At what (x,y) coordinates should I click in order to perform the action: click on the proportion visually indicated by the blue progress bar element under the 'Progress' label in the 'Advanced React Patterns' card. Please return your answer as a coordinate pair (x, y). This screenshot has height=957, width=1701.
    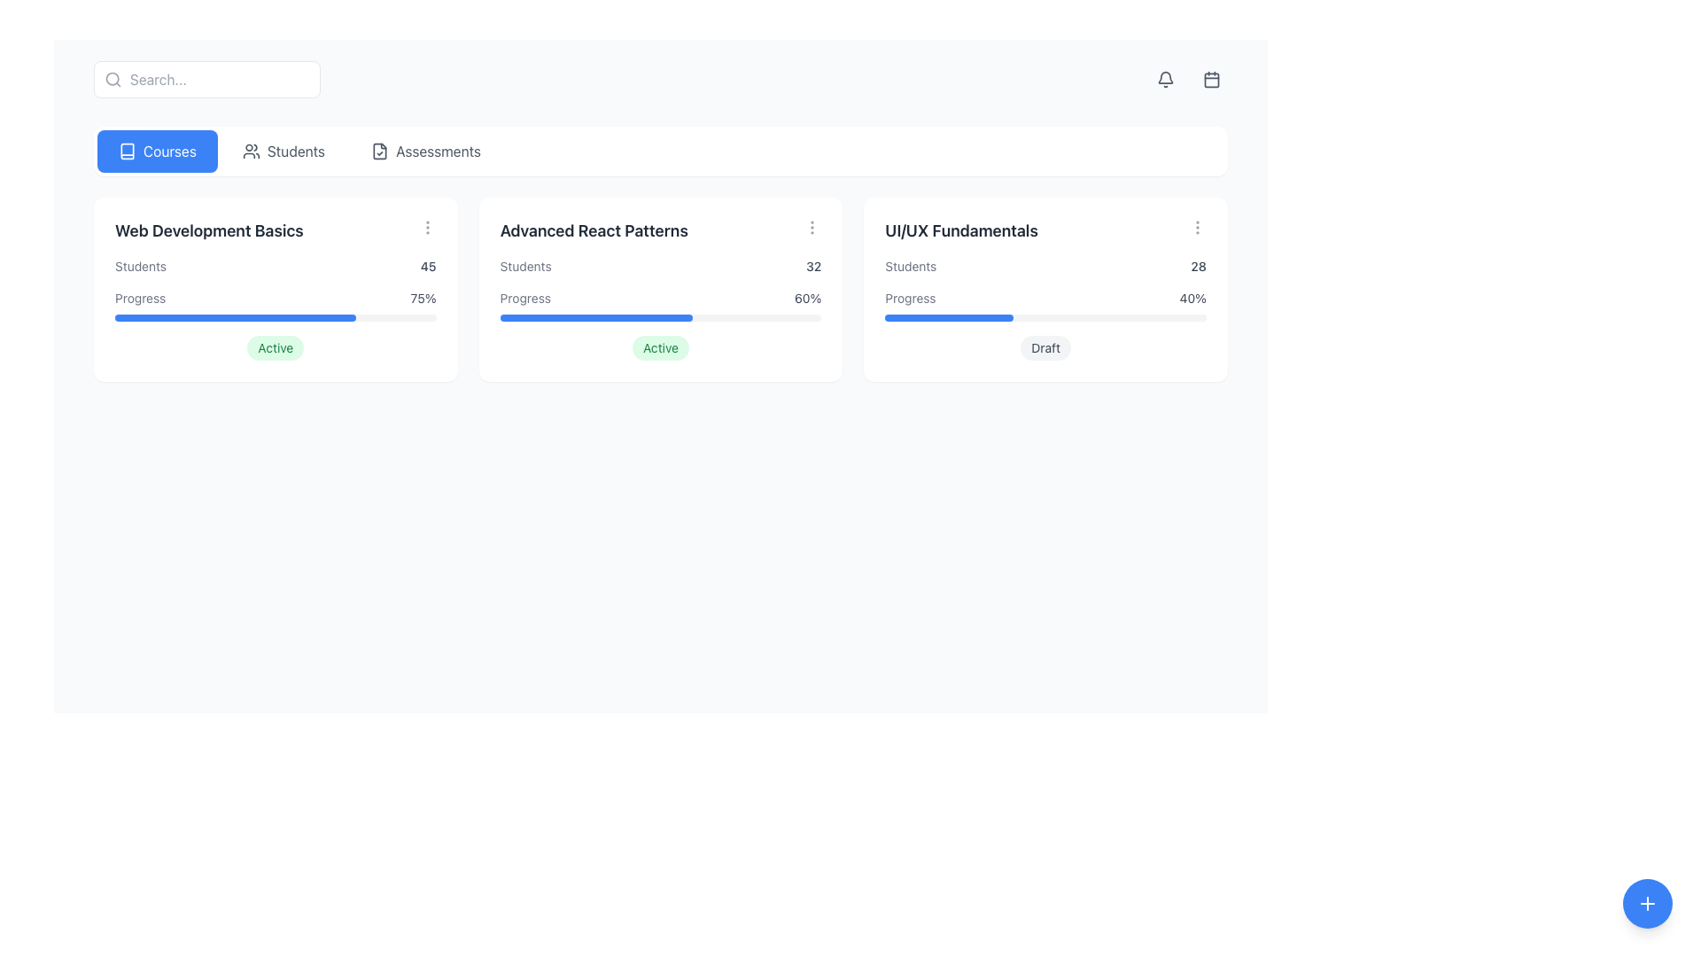
    Looking at the image, I should click on (596, 316).